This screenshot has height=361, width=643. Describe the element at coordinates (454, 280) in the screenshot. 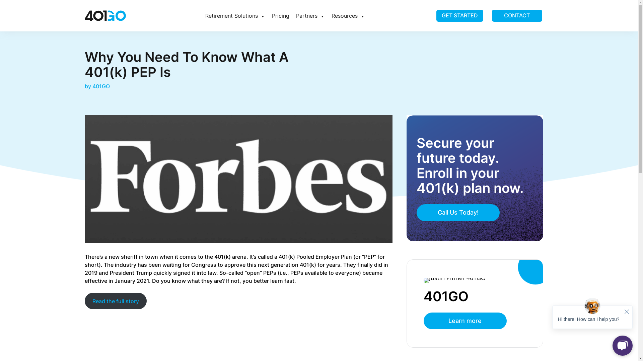

I see `'Justin 1'` at that location.